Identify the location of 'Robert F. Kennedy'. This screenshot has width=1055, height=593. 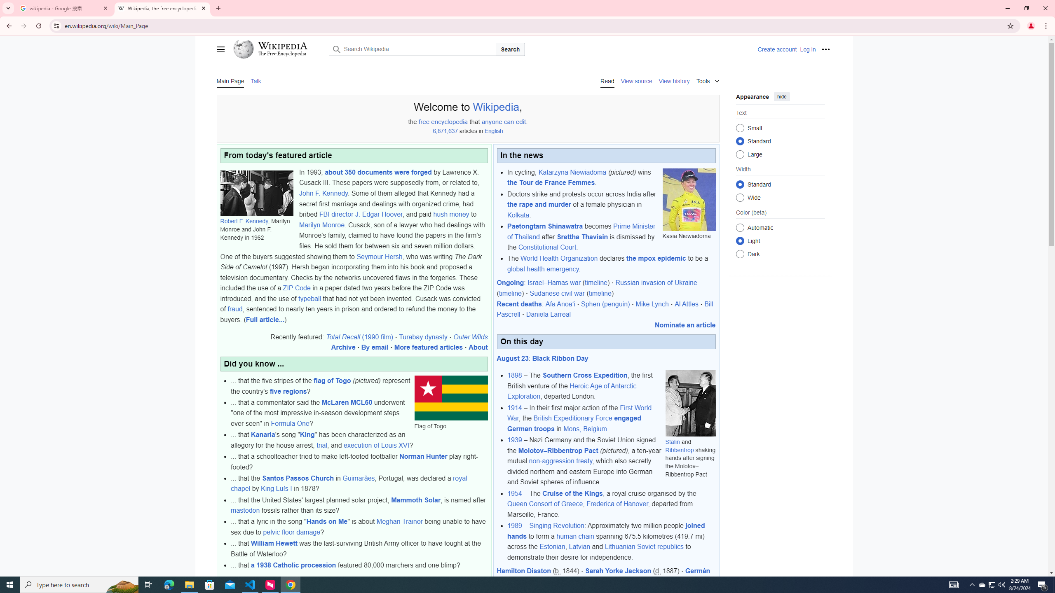
(244, 221).